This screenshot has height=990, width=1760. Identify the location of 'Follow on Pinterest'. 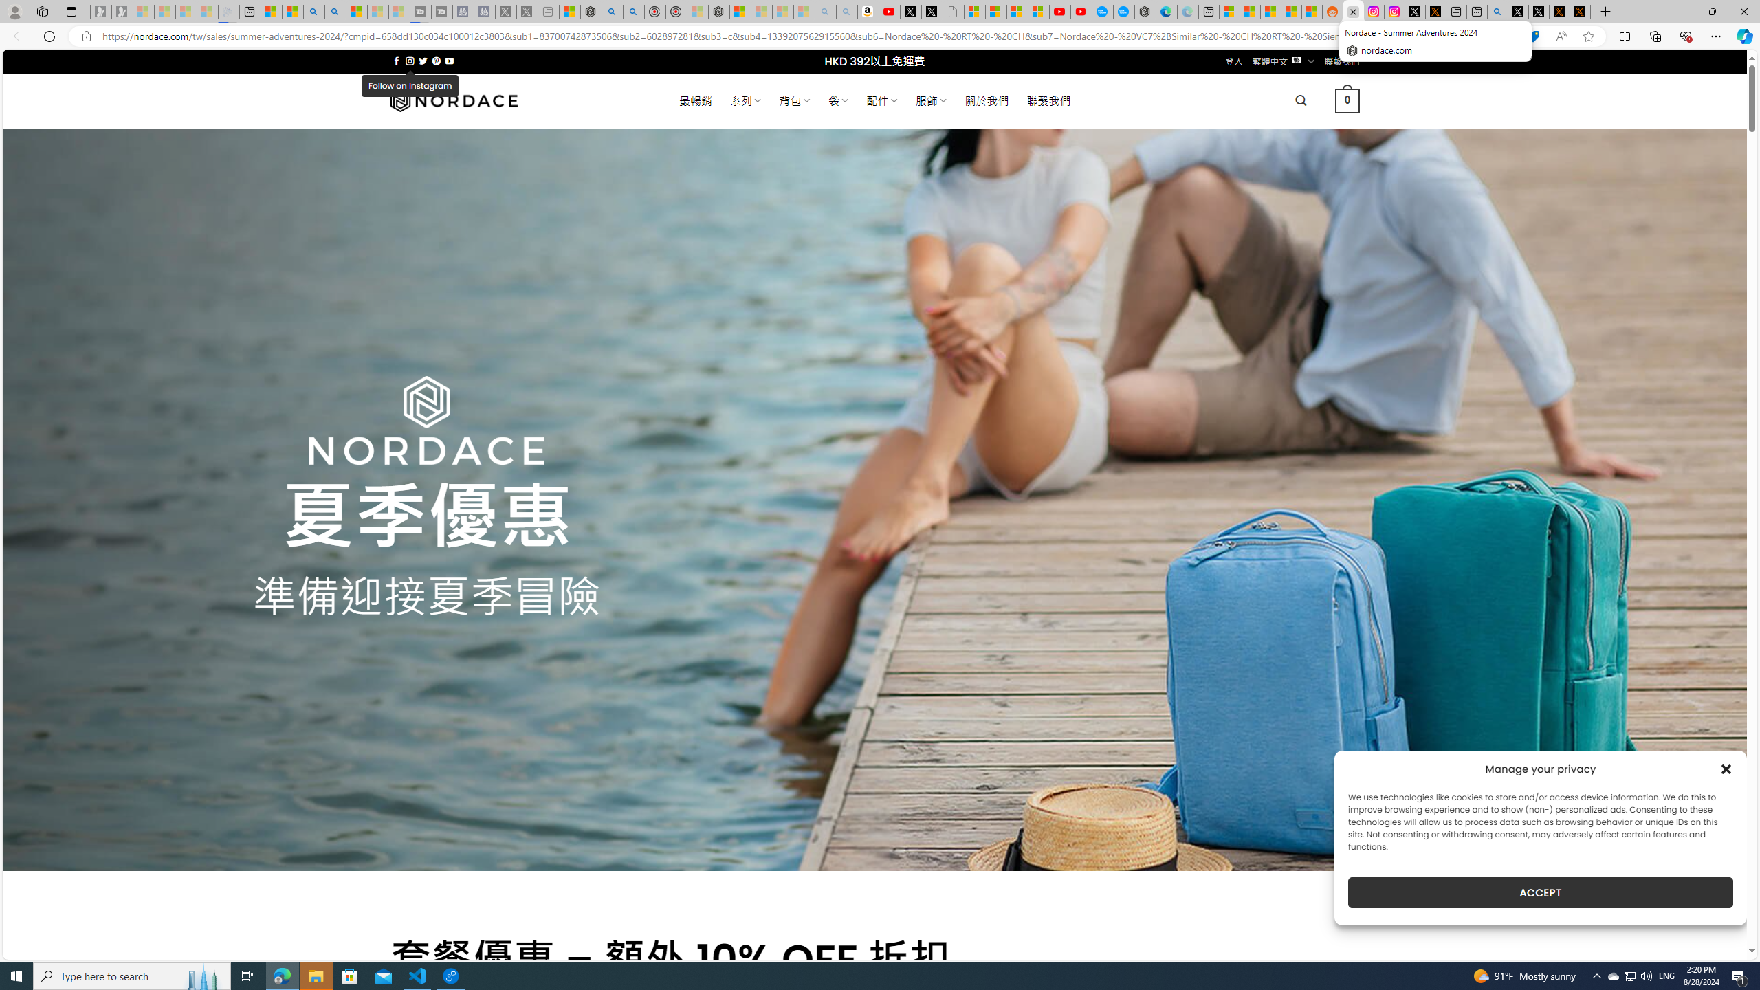
(434, 60).